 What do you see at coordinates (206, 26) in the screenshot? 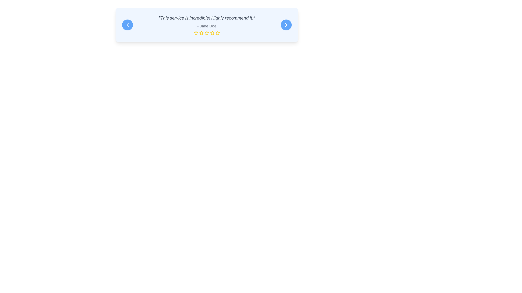
I see `the text element that reads '- Jane Doe', which is displayed in light-gray color and is positioned below a larger user testimonial text` at bounding box center [206, 26].